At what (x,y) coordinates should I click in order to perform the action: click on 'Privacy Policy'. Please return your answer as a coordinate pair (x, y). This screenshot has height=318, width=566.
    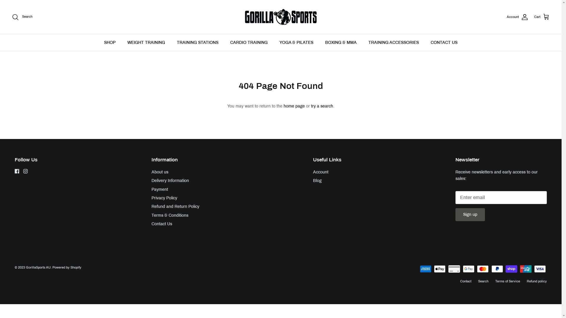
    Looking at the image, I should click on (151, 198).